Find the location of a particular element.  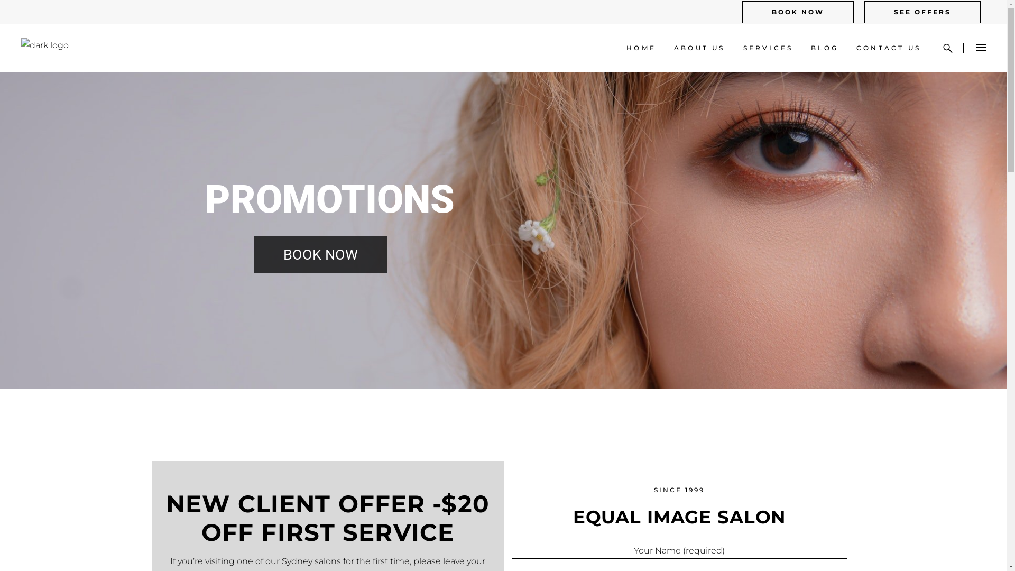

'BLOG' is located at coordinates (824, 48).